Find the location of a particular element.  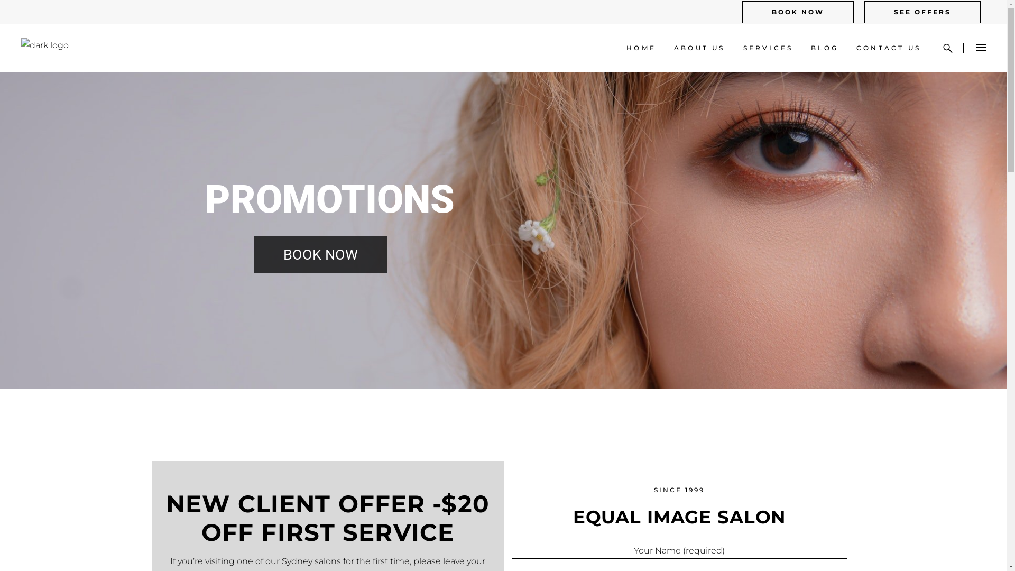

'BLOG' is located at coordinates (824, 48).